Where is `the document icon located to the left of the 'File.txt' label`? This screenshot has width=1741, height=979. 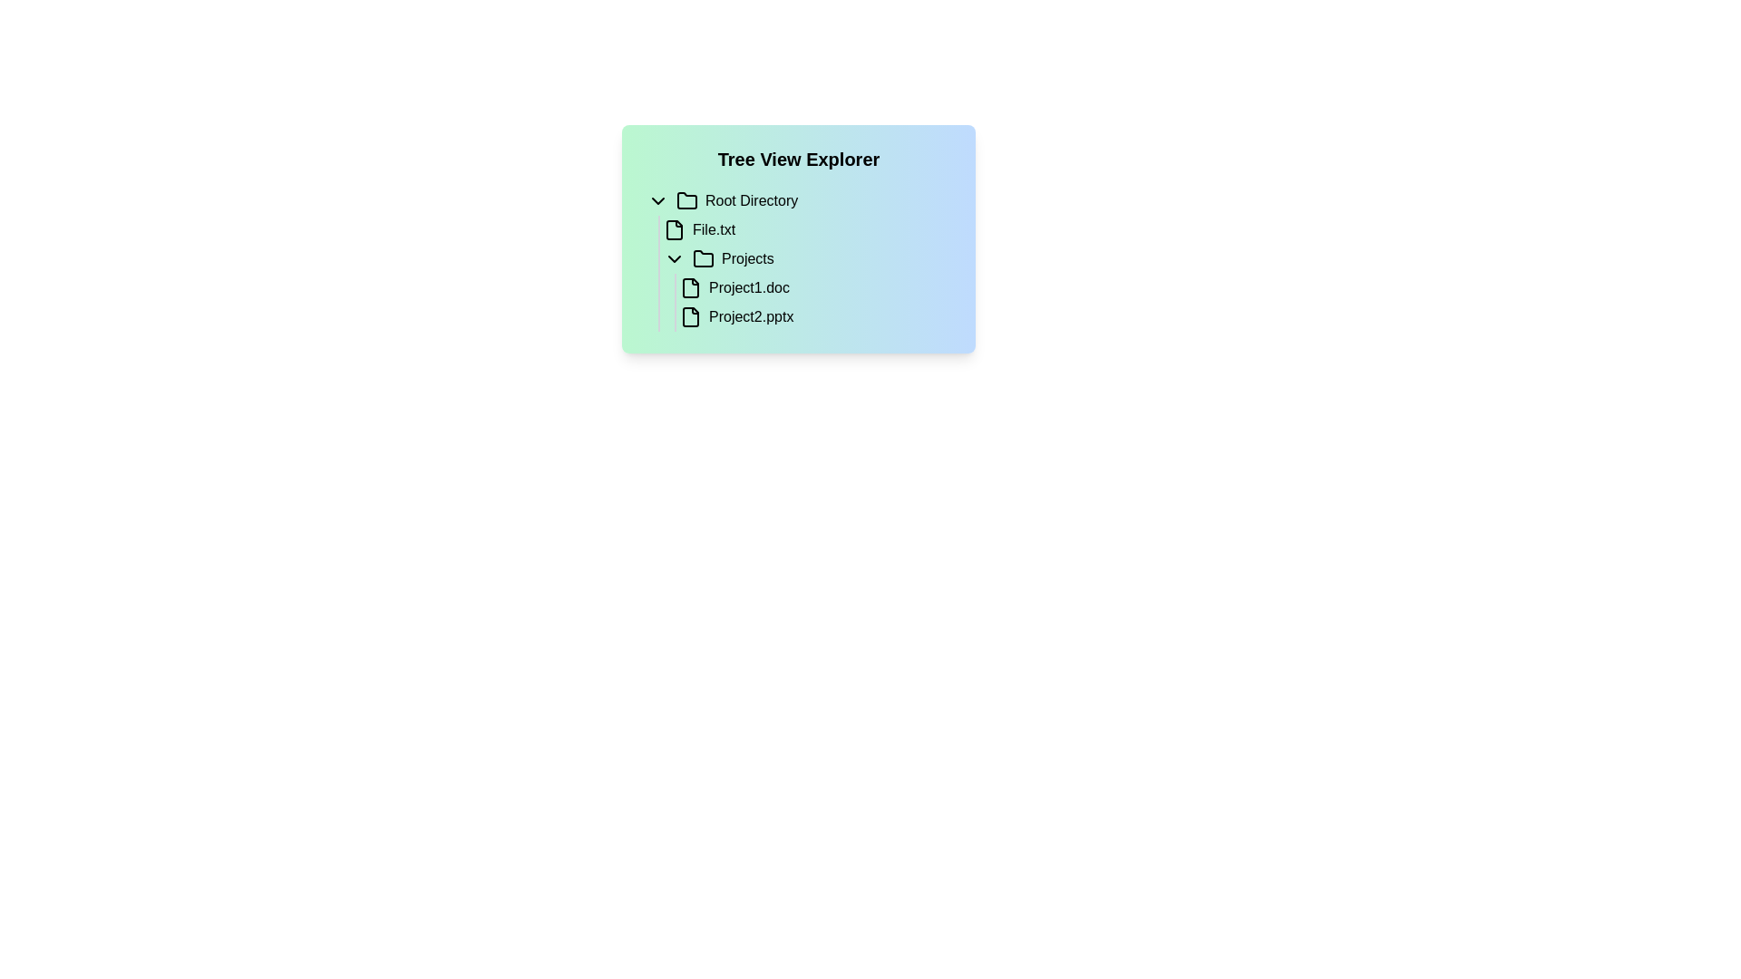
the document icon located to the left of the 'File.txt' label is located at coordinates (674, 229).